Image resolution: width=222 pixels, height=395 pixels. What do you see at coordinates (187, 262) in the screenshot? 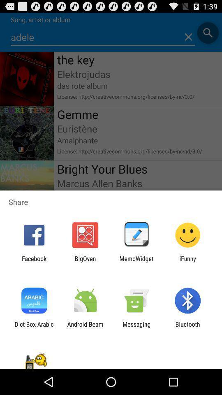
I see `ifunny item` at bounding box center [187, 262].